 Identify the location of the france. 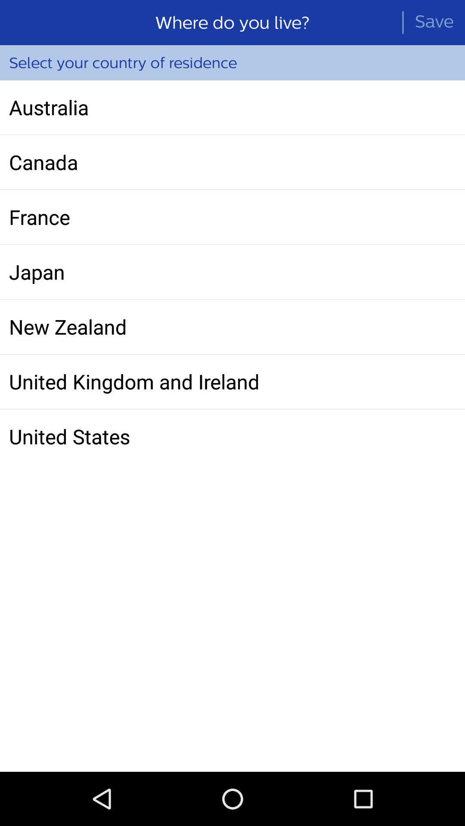
(232, 217).